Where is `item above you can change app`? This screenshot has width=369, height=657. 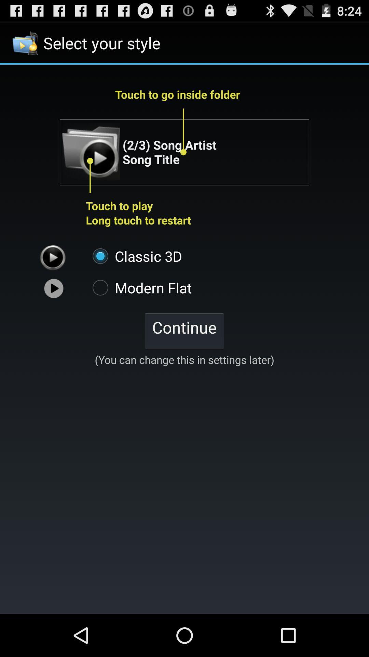
item above you can change app is located at coordinates (184, 331).